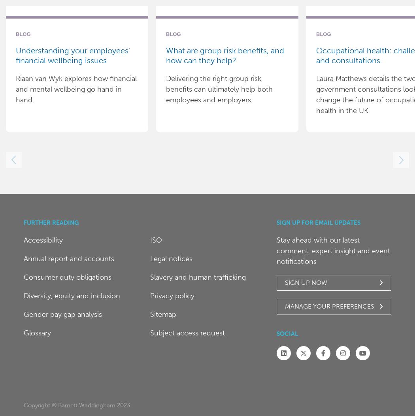 Image resolution: width=415 pixels, height=416 pixels. Describe the element at coordinates (170, 258) in the screenshot. I see `'Legal notices'` at that location.